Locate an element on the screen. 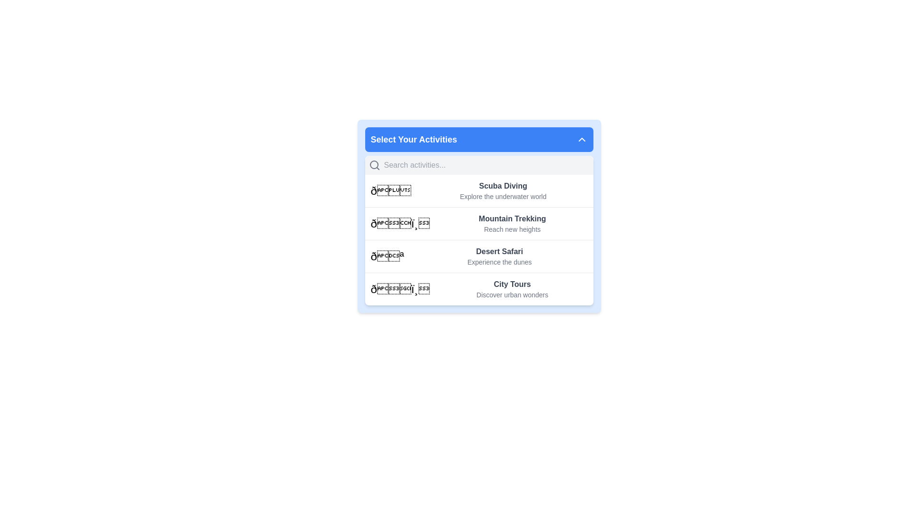 The image size is (913, 513). the decorative icon representing 'Scuba Diving' located at the far left of the menu entry under 'Select Your Activities' is located at coordinates (391, 190).